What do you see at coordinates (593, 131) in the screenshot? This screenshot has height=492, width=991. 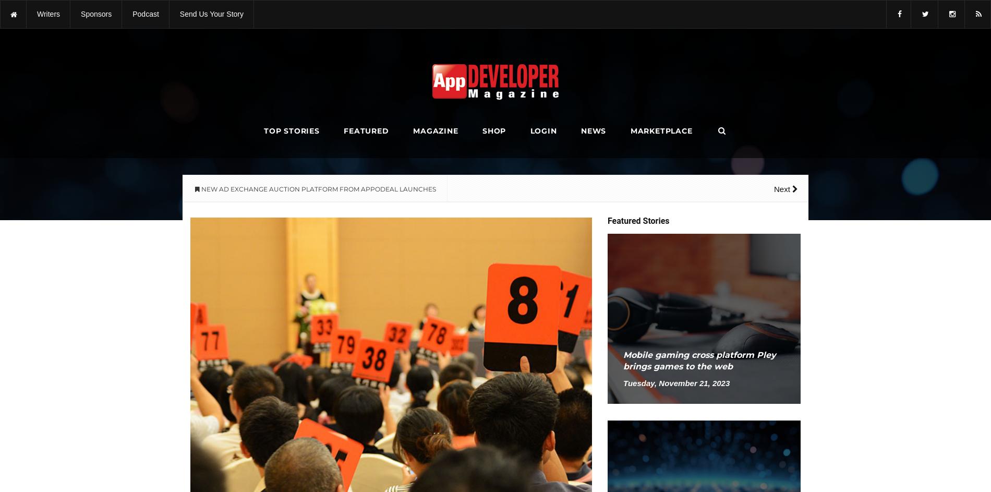 I see `'News'` at bounding box center [593, 131].